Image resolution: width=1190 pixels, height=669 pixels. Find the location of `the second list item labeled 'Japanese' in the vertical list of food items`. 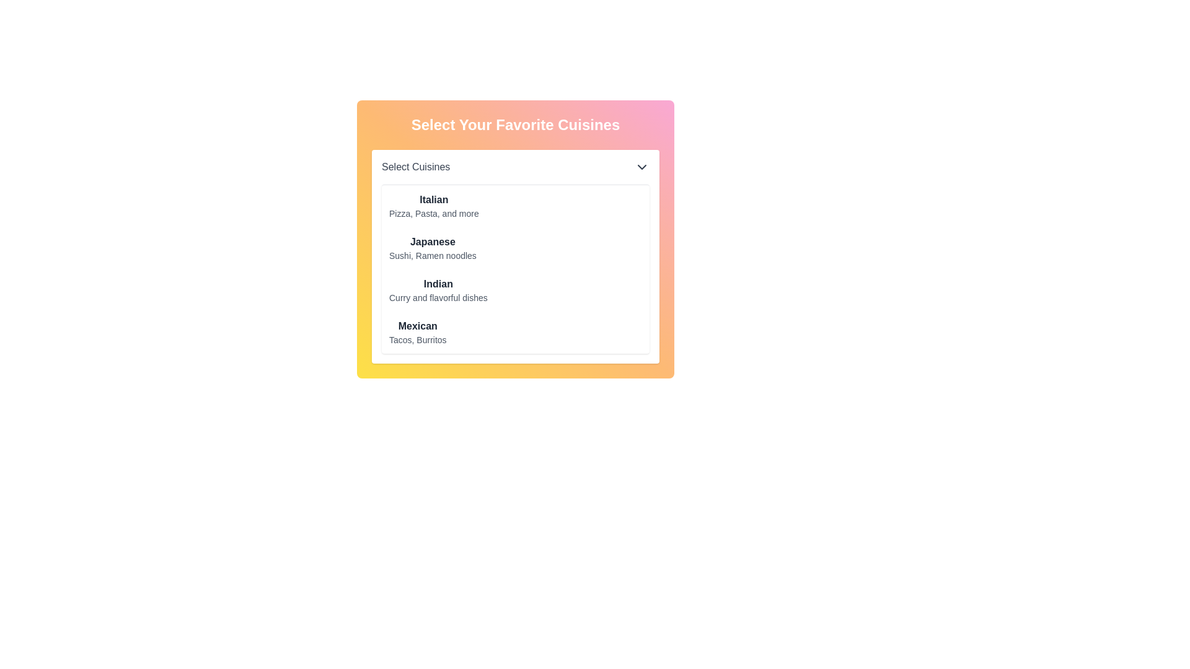

the second list item labeled 'Japanese' in the vertical list of food items is located at coordinates (433, 248).